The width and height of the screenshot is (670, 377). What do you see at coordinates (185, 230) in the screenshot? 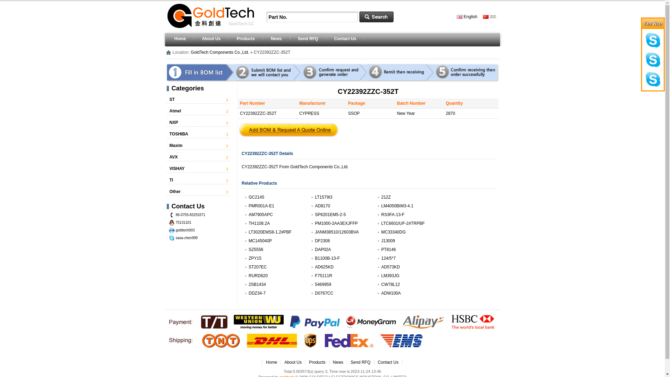
I see `'goldtech003'` at bounding box center [185, 230].